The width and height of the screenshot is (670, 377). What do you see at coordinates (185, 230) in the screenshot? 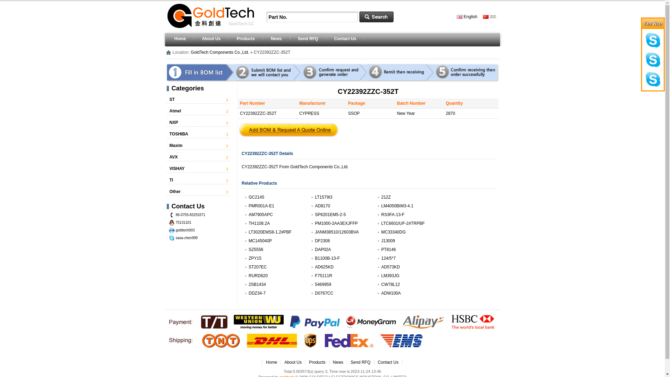
I see `'goldtech003'` at bounding box center [185, 230].